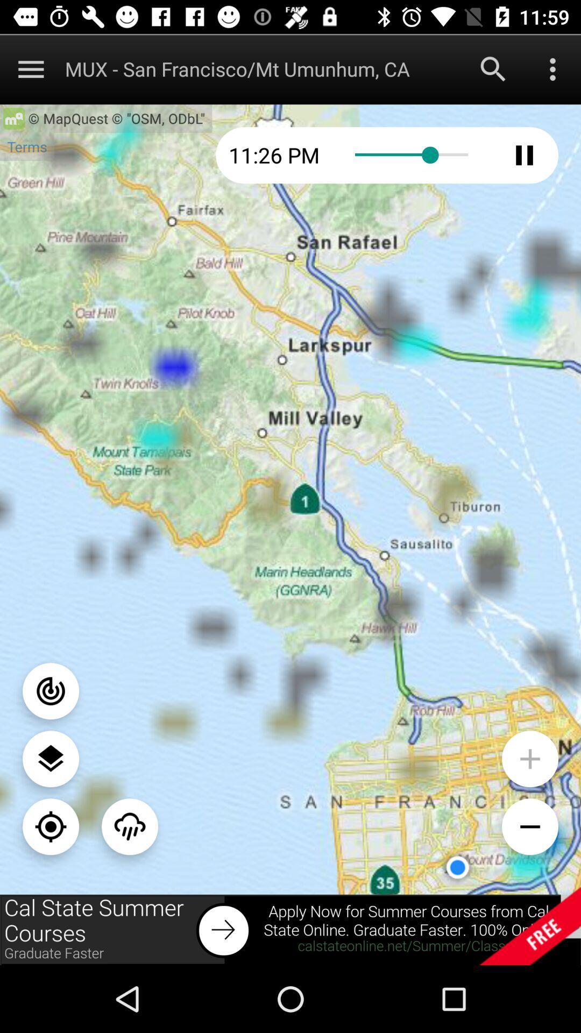 This screenshot has height=1033, width=581. What do you see at coordinates (129, 826) in the screenshot?
I see `the weather icon` at bounding box center [129, 826].